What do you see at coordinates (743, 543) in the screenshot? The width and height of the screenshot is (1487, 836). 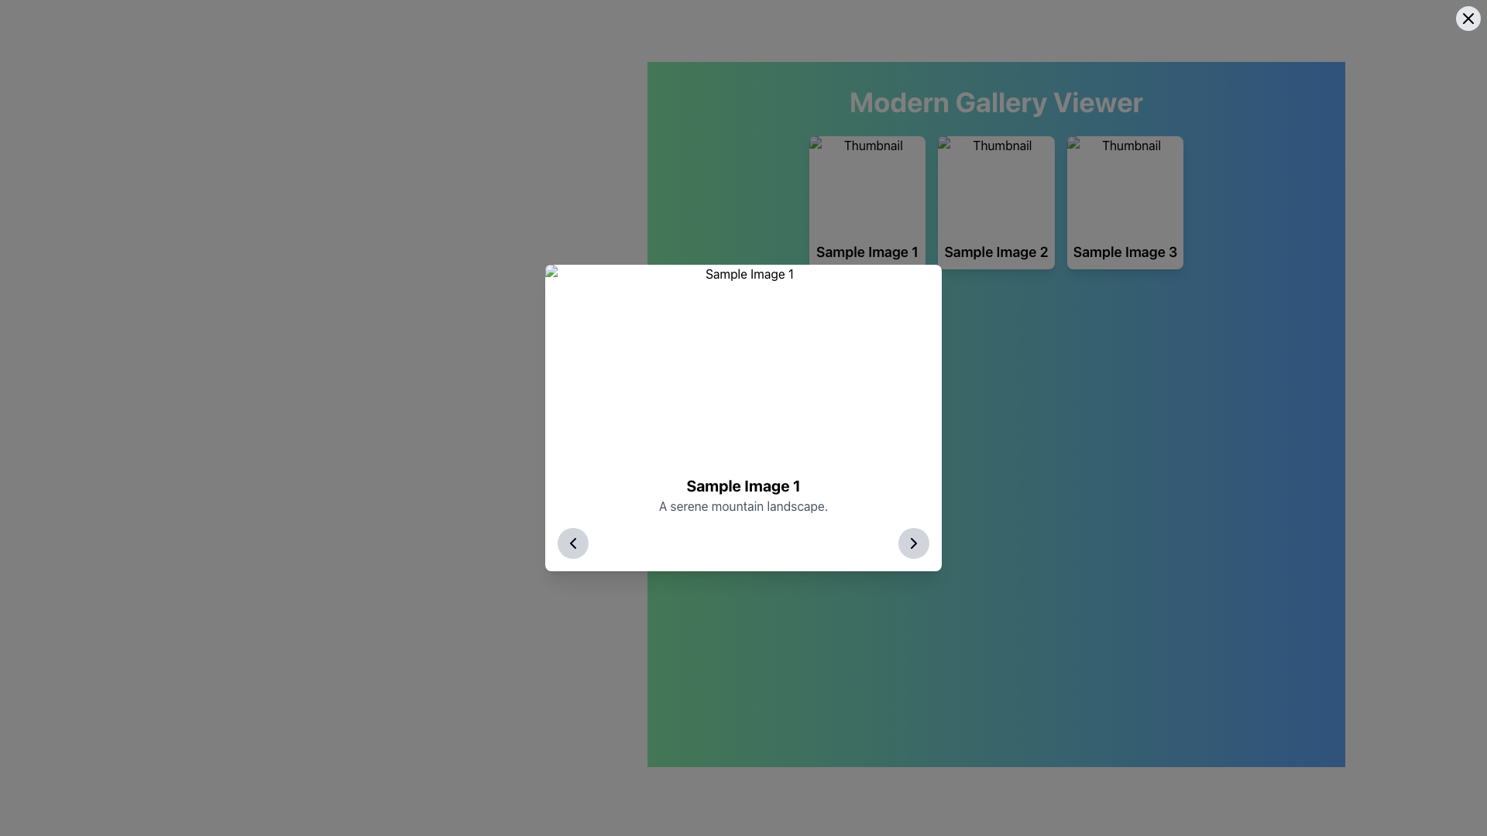 I see `the interactive buttons in the navigation bar located at the bottom of the modal window` at bounding box center [743, 543].